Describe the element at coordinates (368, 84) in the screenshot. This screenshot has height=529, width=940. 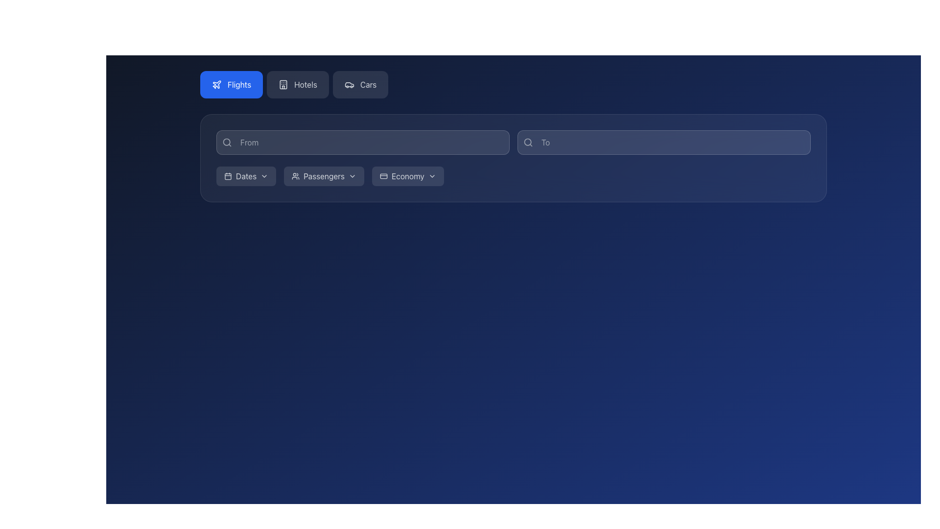
I see `the 'Cars' text label, which is styled in light gray over a dark background and located at the rightmost side of the horizontal menu bar` at that location.